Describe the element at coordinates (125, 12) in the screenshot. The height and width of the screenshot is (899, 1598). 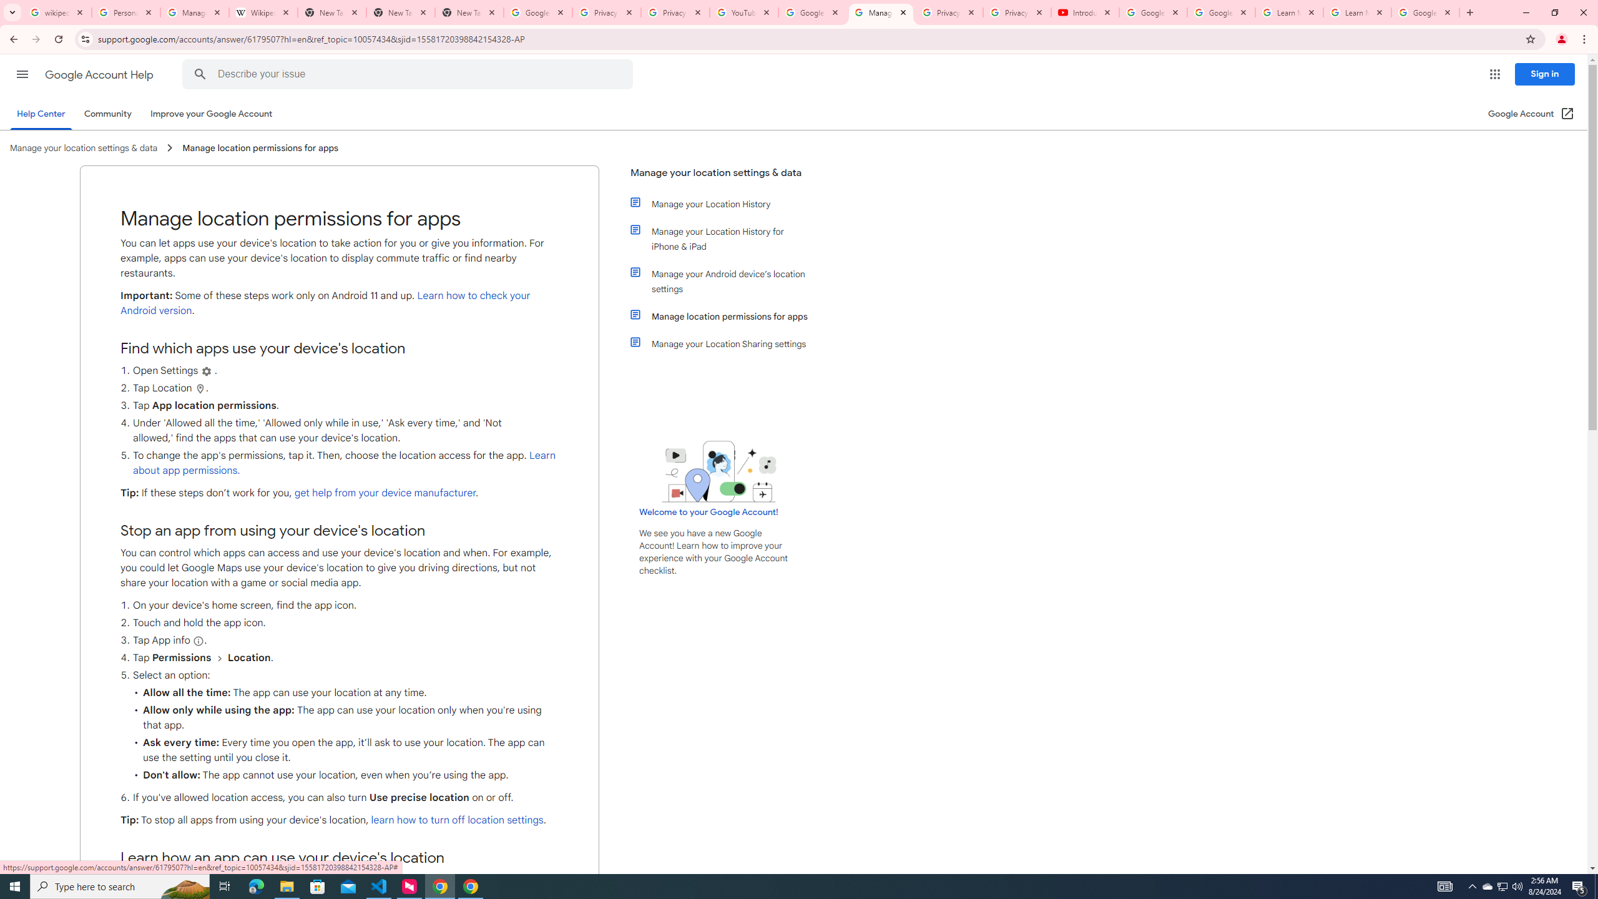
I see `'Personalization & Google Search results - Google Search Help'` at that location.